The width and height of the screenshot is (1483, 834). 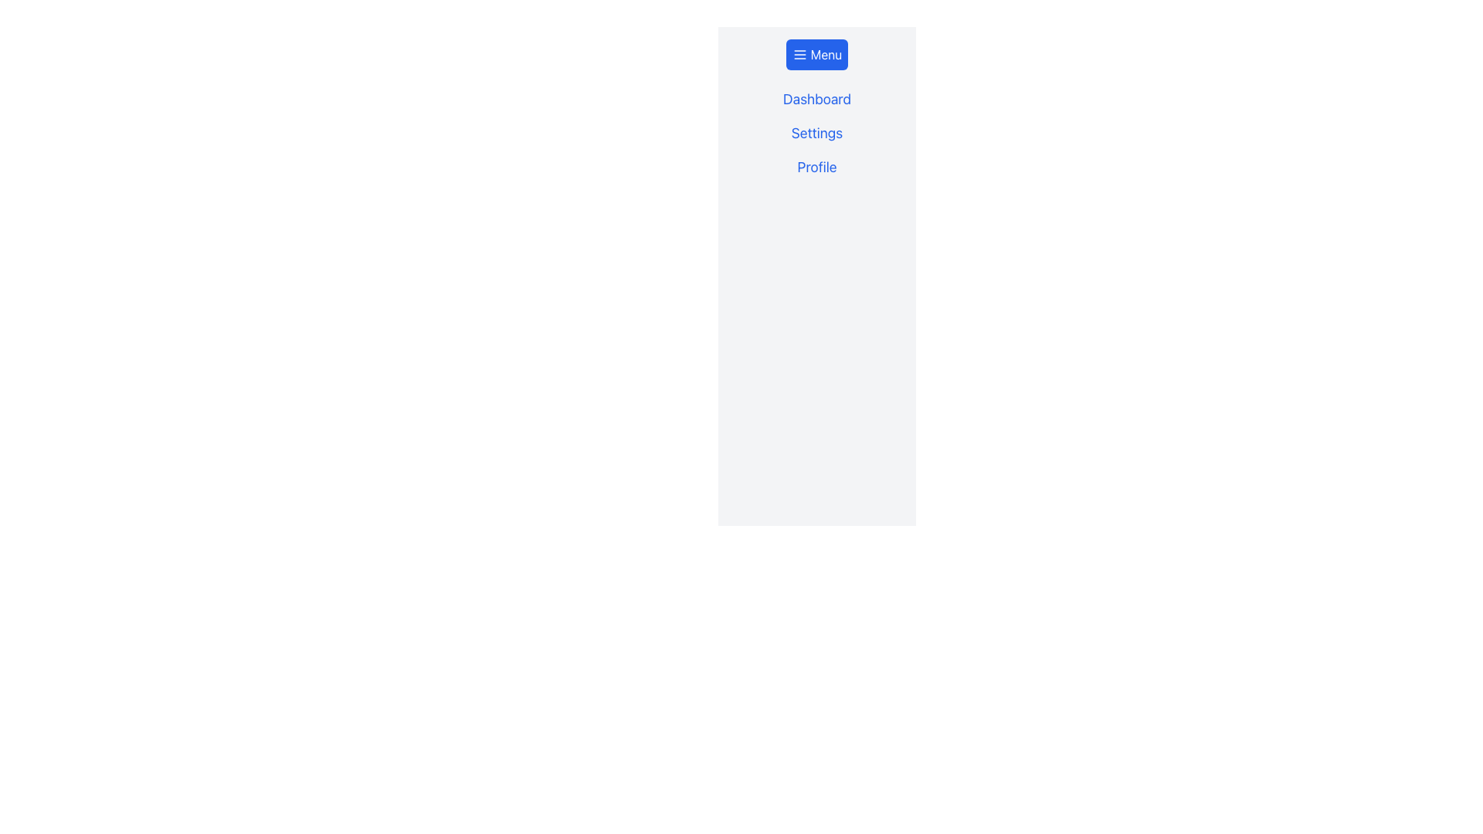 What do you see at coordinates (816, 99) in the screenshot?
I see `the clickable navigation link that directs to the Dashboard section of the application` at bounding box center [816, 99].